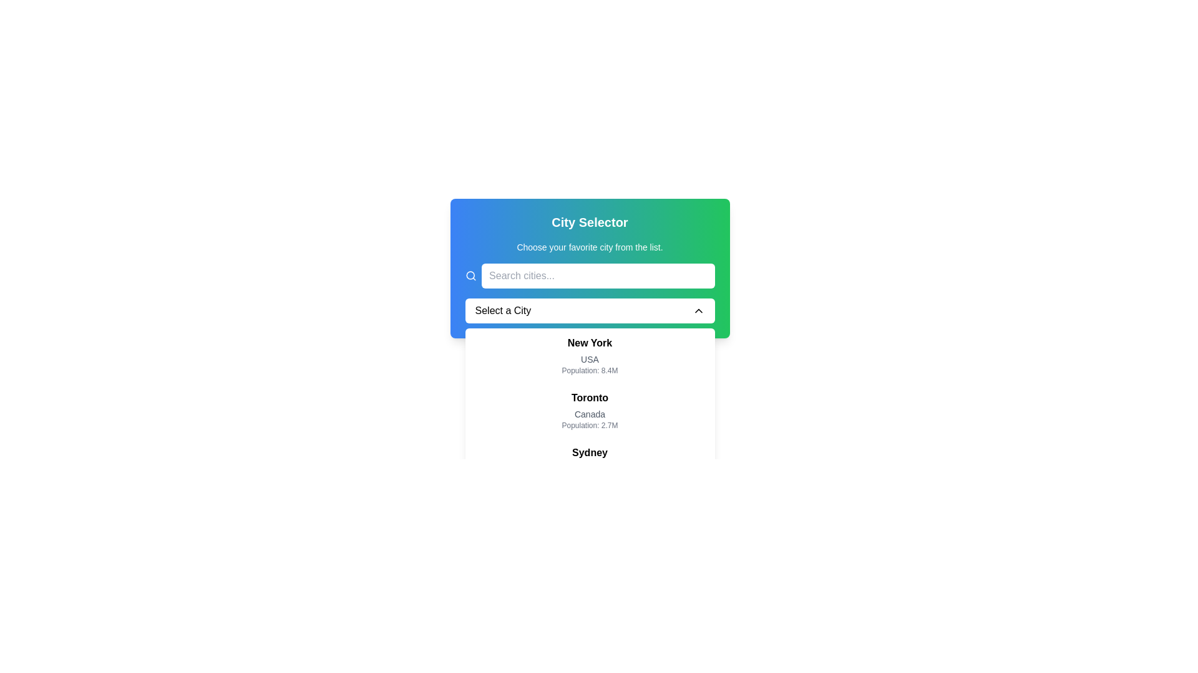  Describe the element at coordinates (589, 424) in the screenshot. I see `the text label displaying 'Population: 2.7M', which is located beneath 'Canada' and 'Toronto' in the dropdown entry for 'Toronto', to trigger any available tooltips` at that location.